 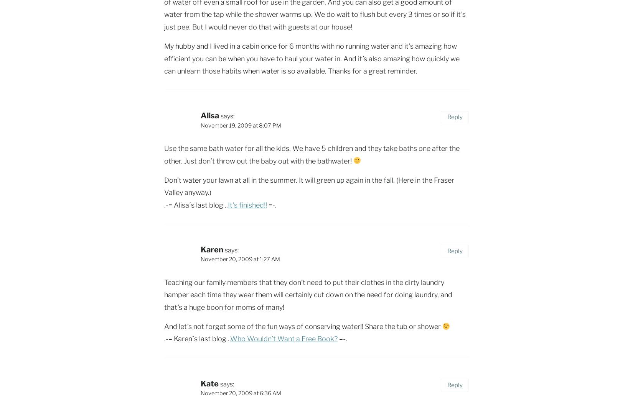 I want to click on '.-= Alisa´s last blog ..', so click(x=196, y=205).